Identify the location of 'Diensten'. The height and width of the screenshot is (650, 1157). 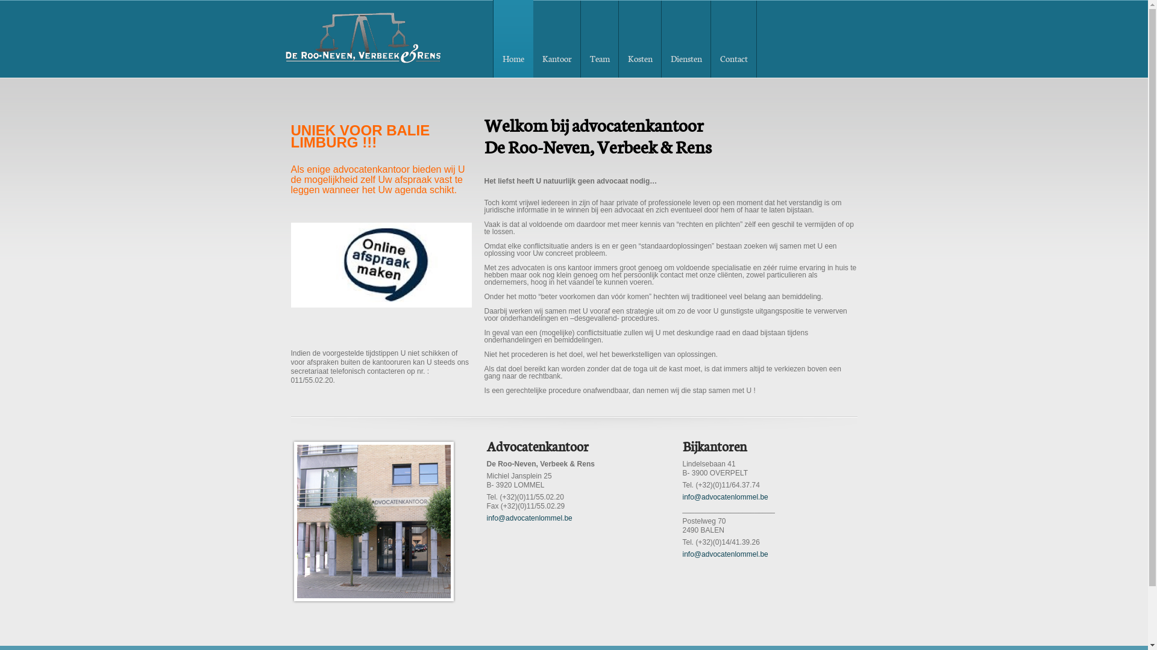
(686, 38).